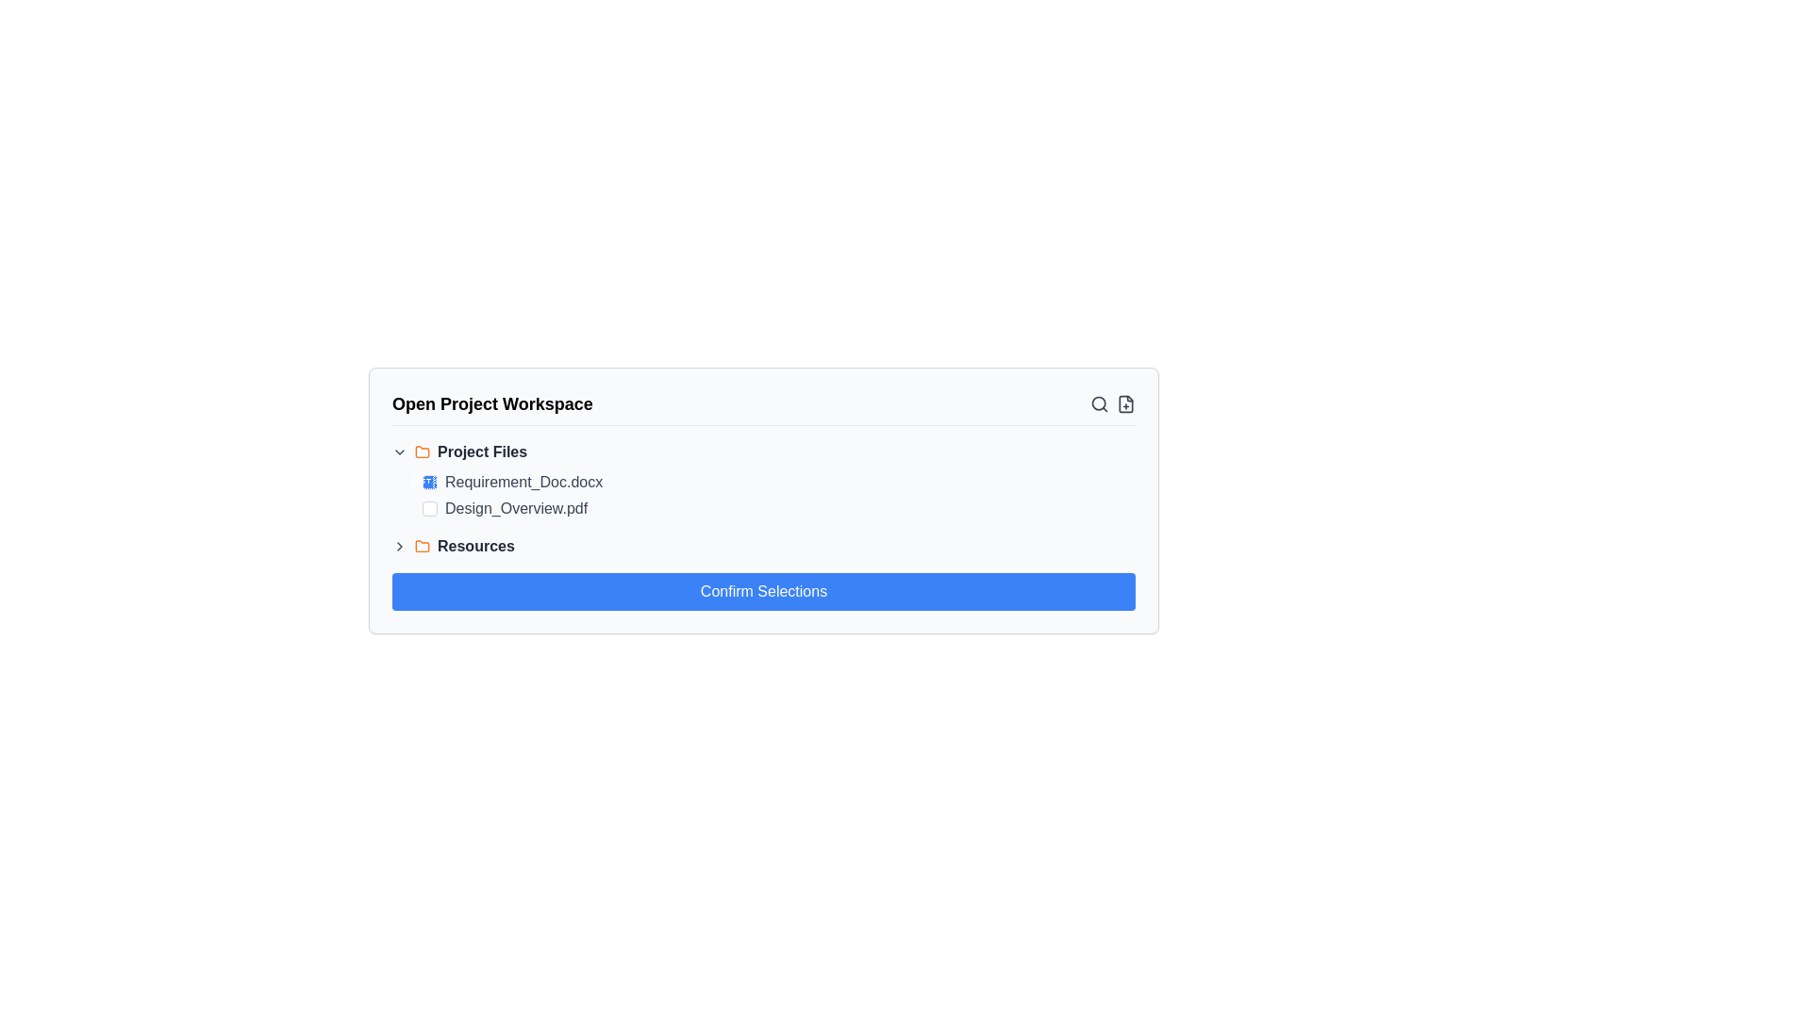 Image resolution: width=1811 pixels, height=1018 pixels. What do you see at coordinates (429, 509) in the screenshot?
I see `the checkbox located to the left of the filename 'Design_Overview.pdf' in the second item of the 'Project Files' section` at bounding box center [429, 509].